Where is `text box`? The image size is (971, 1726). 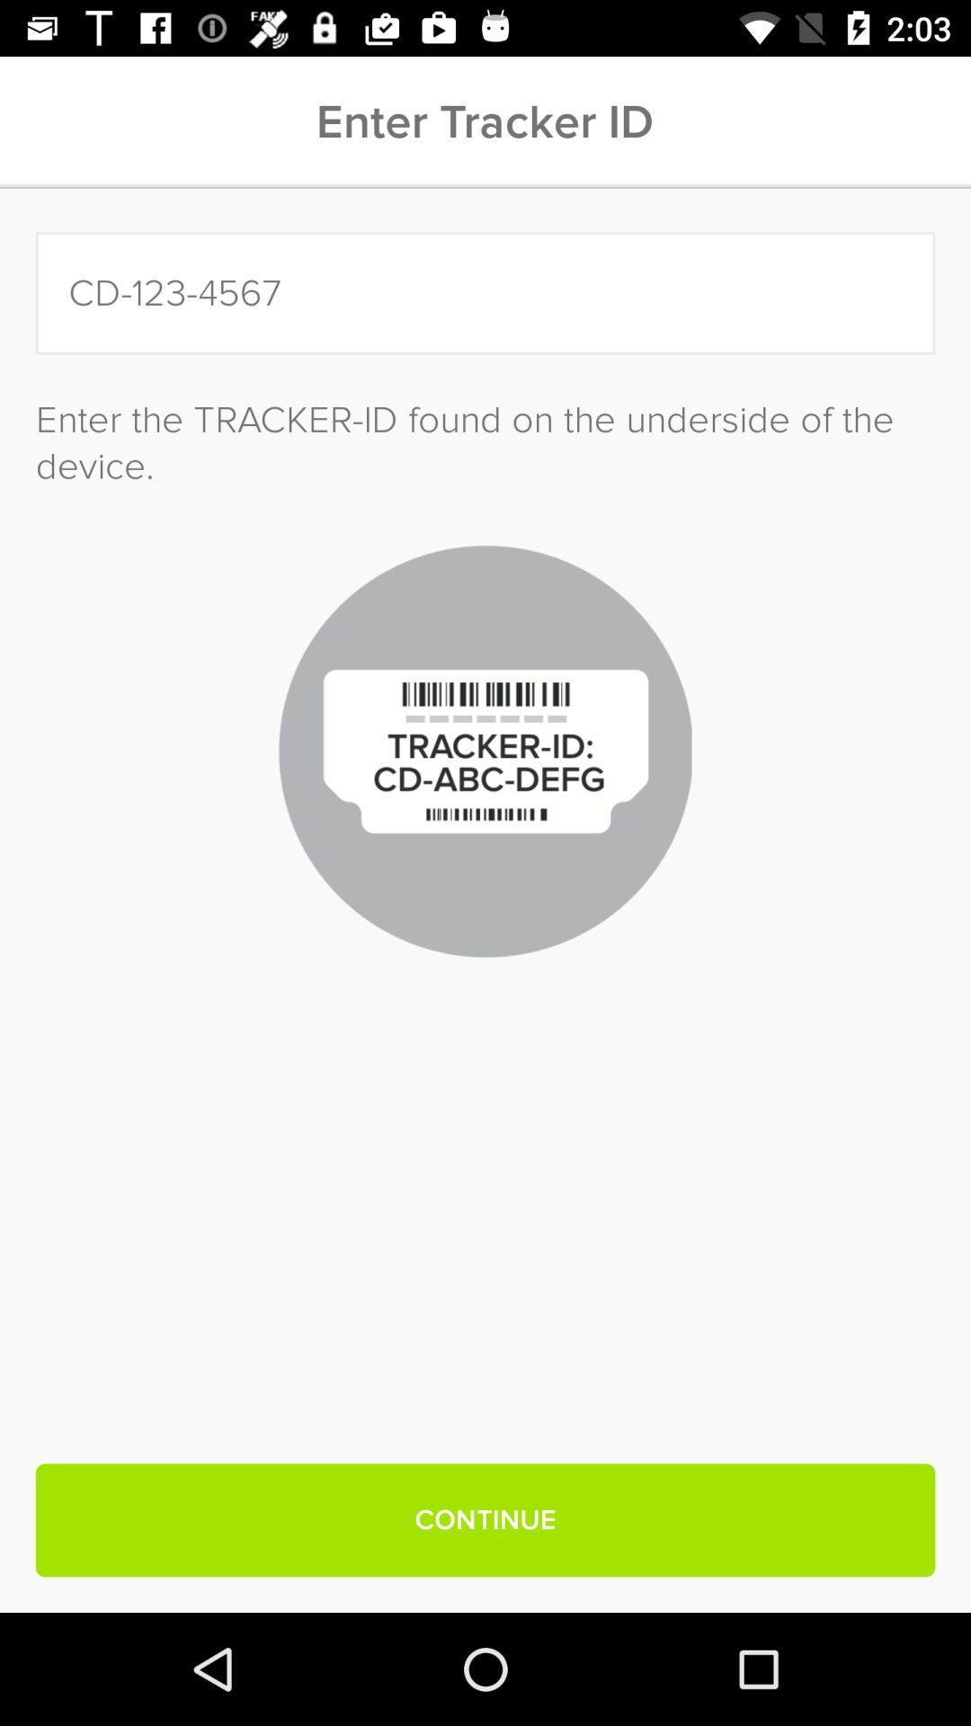 text box is located at coordinates (485, 293).